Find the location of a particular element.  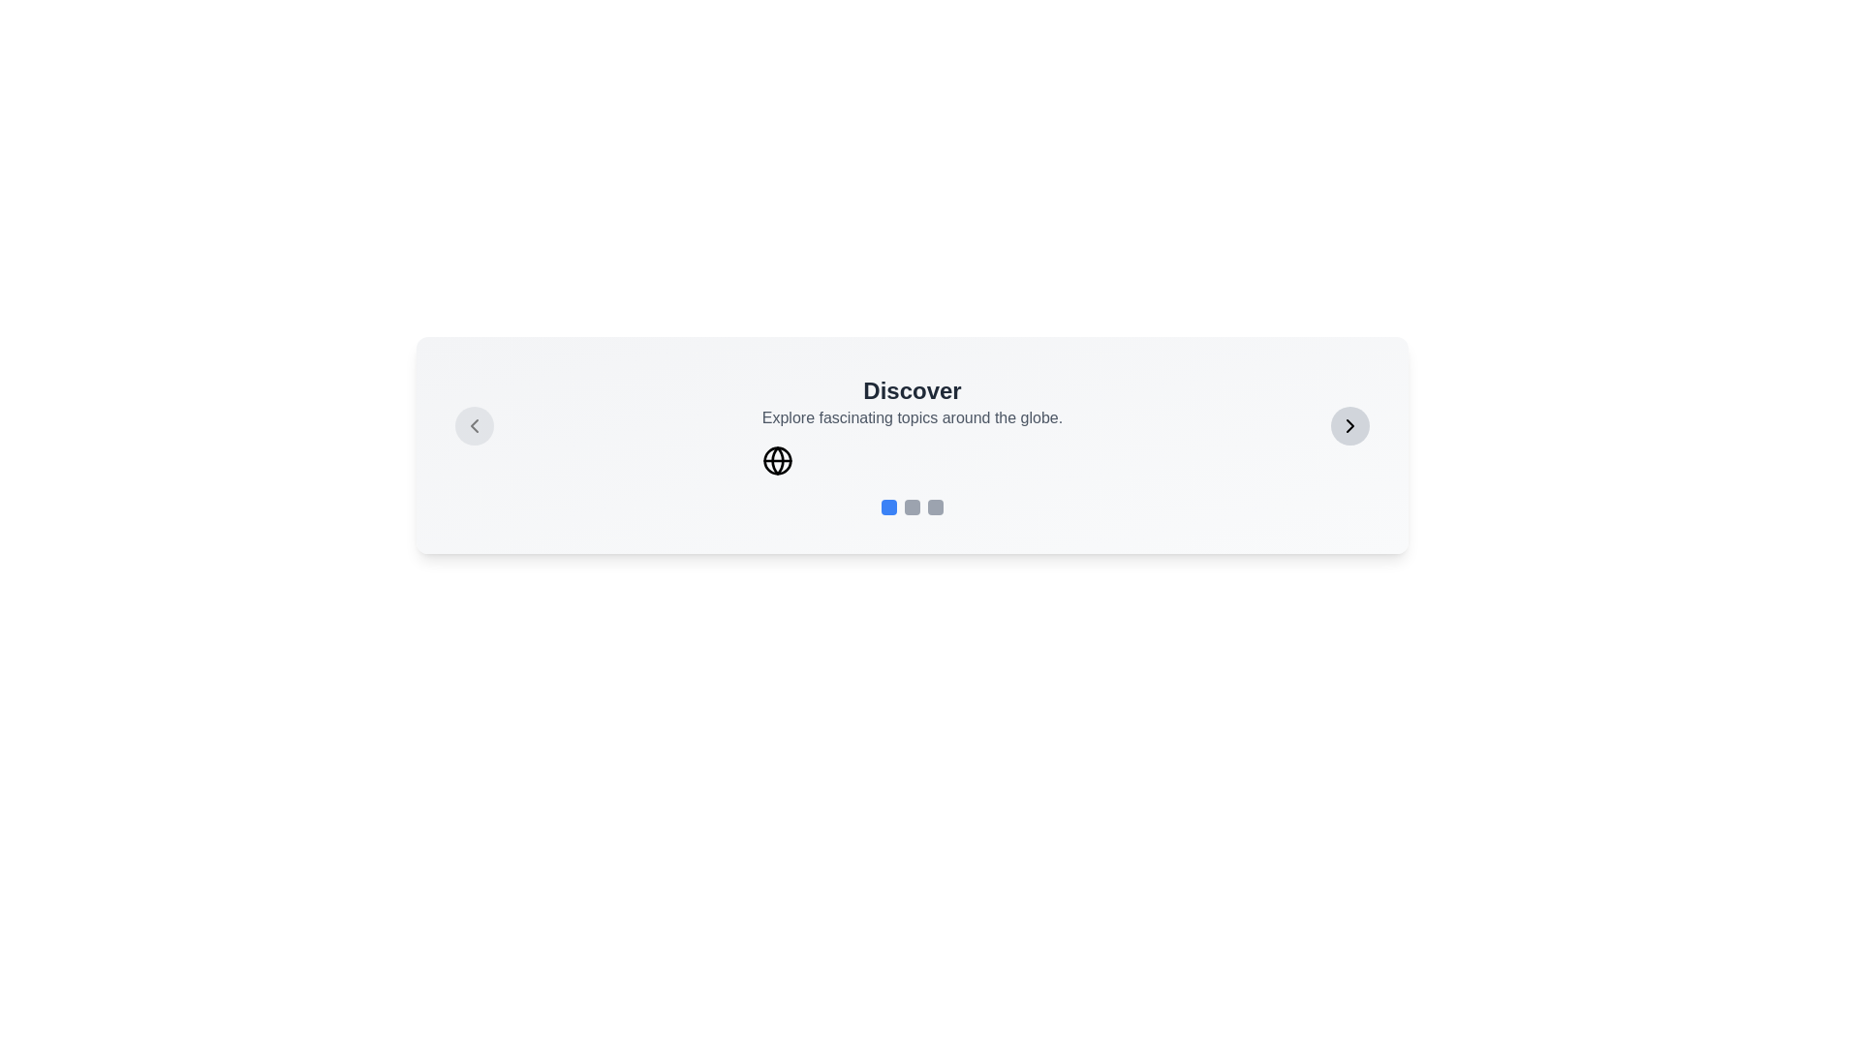

the second gray square icon, which is the Indicator square located between a blue icon and another gray icon at the bottom center of the interface is located at coordinates (911, 507).